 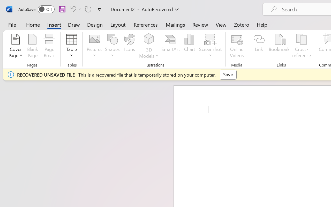 What do you see at coordinates (302, 46) in the screenshot?
I see `'Cross-reference...'` at bounding box center [302, 46].